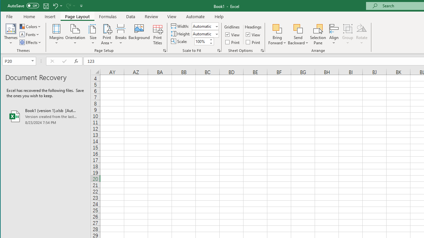 The height and width of the screenshot is (238, 424). Describe the element at coordinates (56, 34) in the screenshot. I see `'Margins'` at that location.